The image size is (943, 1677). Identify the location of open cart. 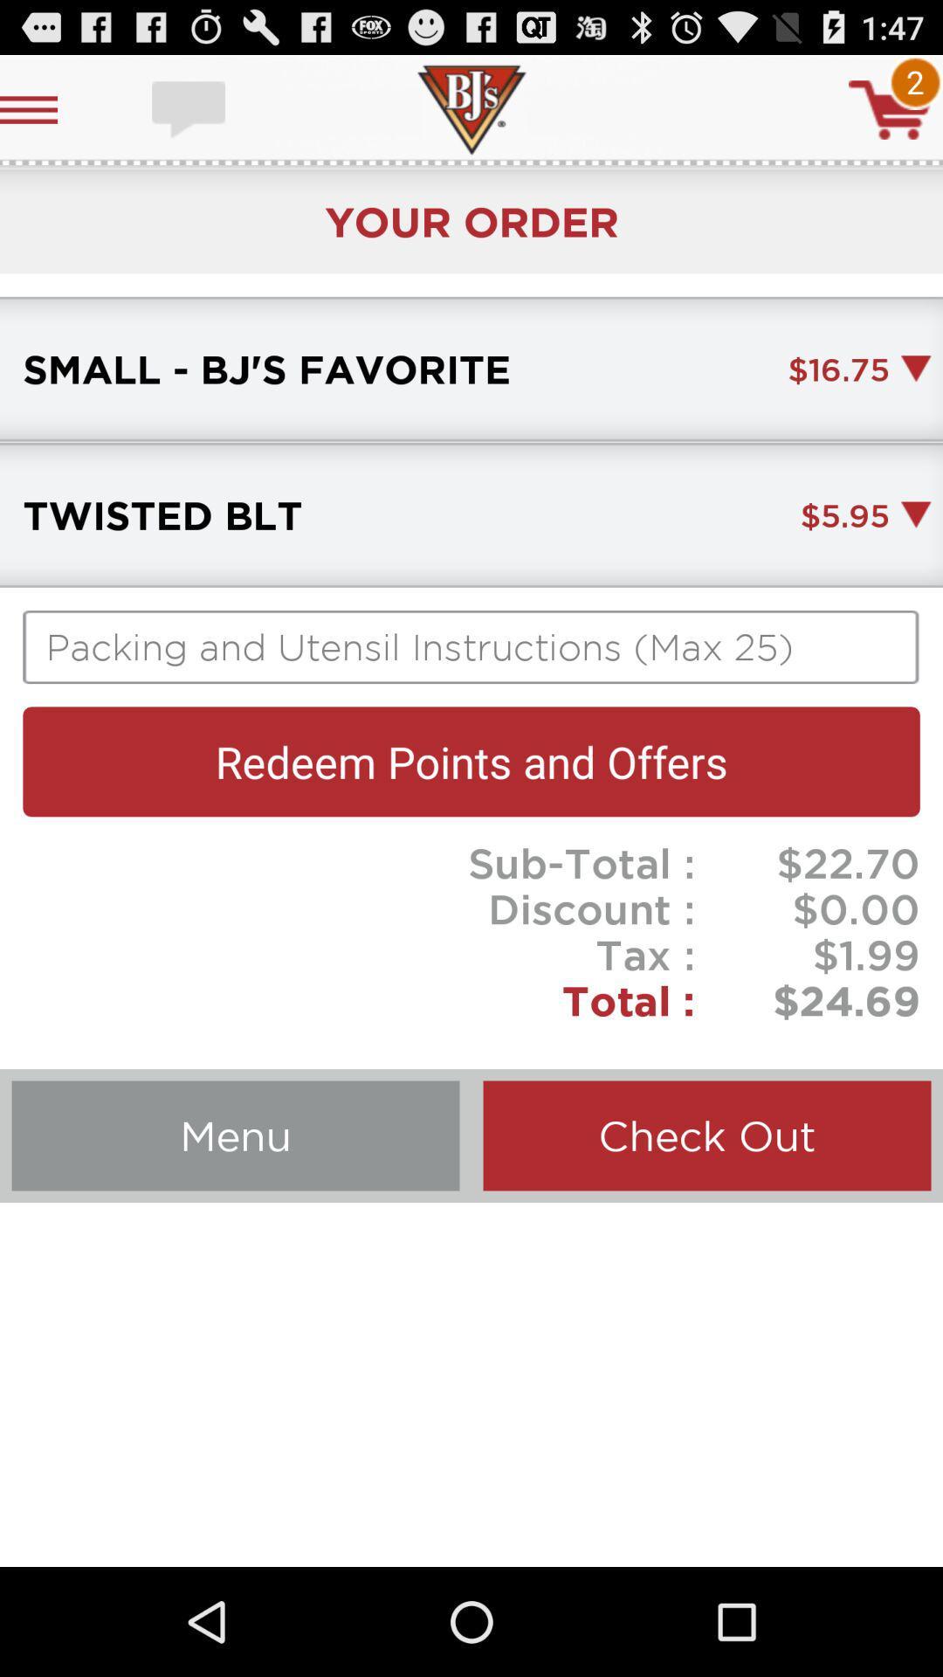
(890, 108).